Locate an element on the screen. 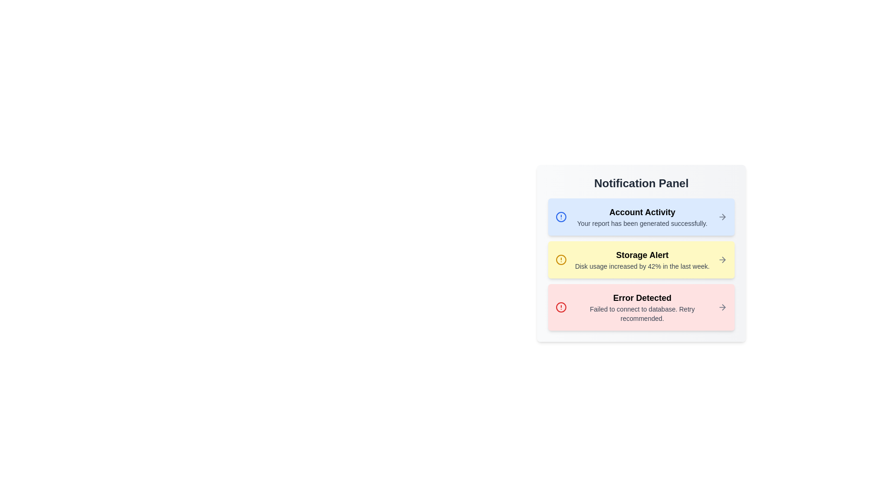 This screenshot has width=895, height=503. the notification icon corresponding to Account Activity is located at coordinates (561, 217).